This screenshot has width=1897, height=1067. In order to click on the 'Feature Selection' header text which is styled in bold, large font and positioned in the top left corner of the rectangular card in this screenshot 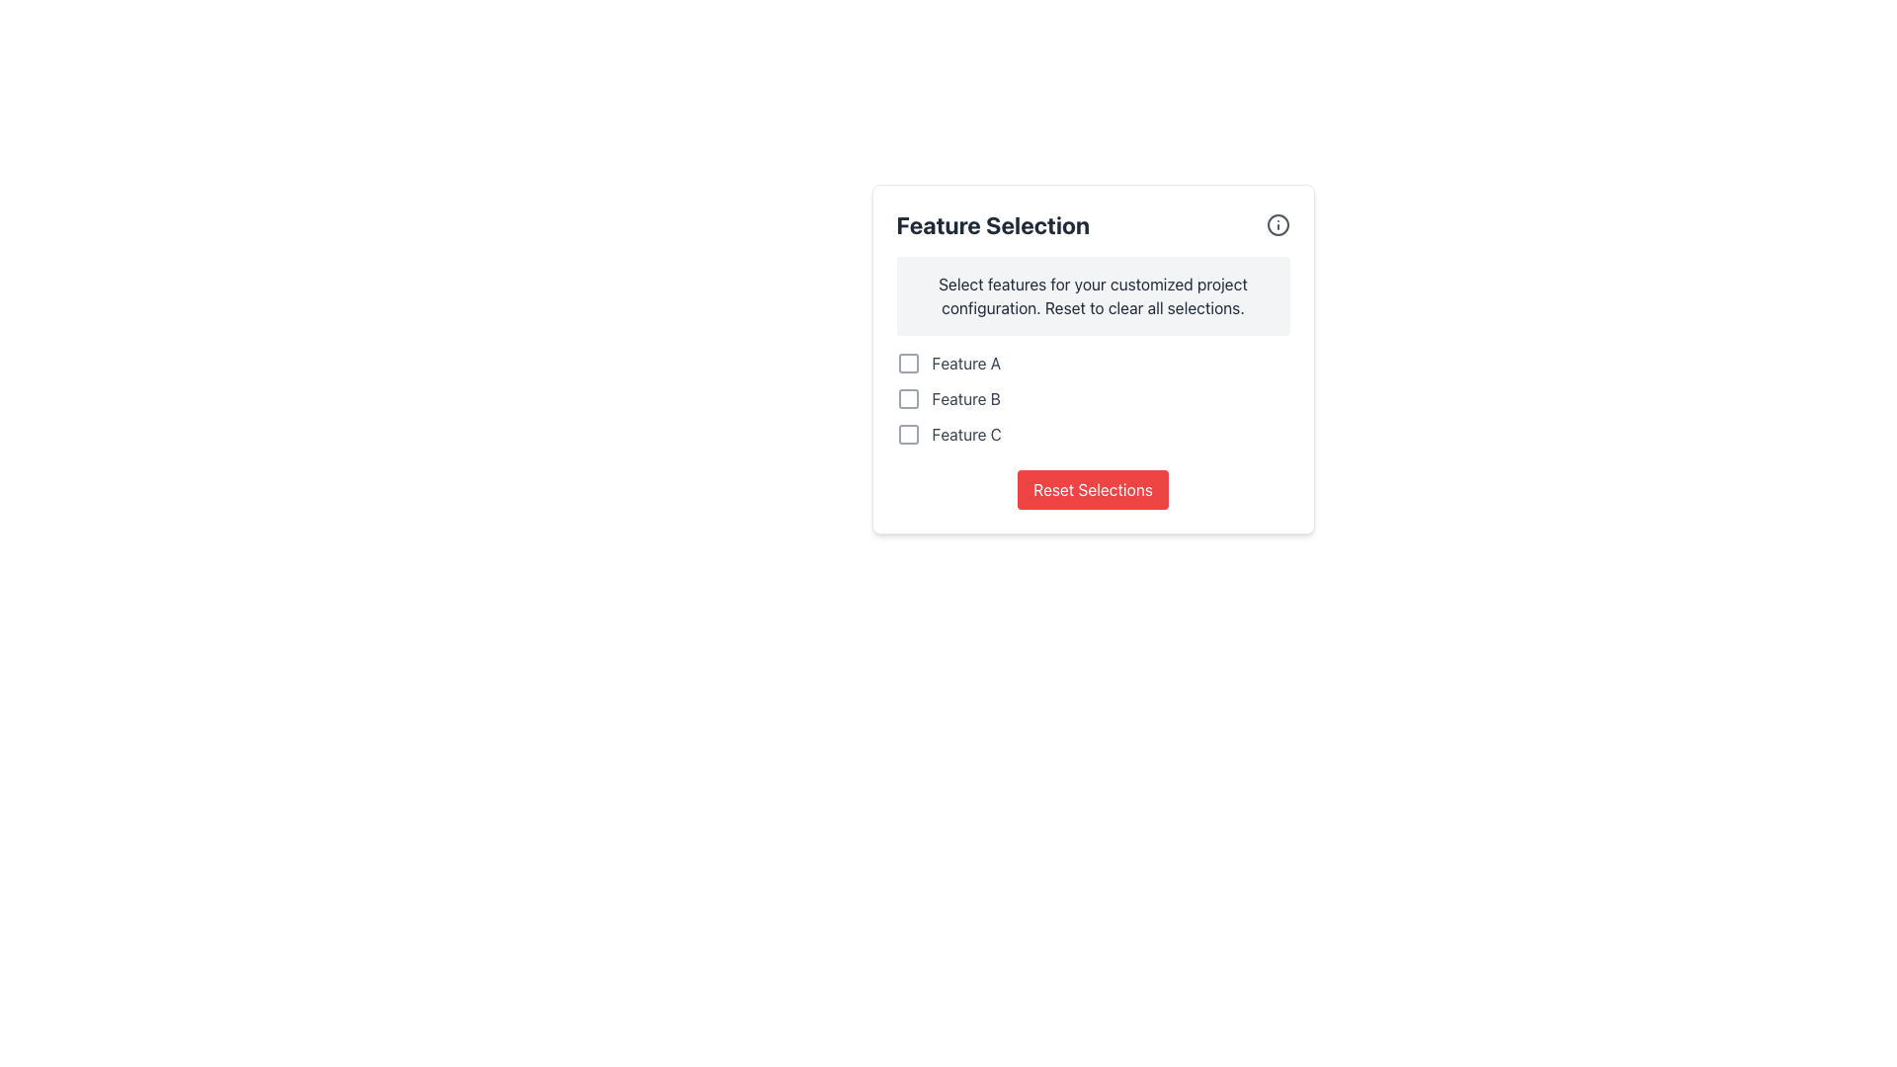, I will do `click(993, 223)`.